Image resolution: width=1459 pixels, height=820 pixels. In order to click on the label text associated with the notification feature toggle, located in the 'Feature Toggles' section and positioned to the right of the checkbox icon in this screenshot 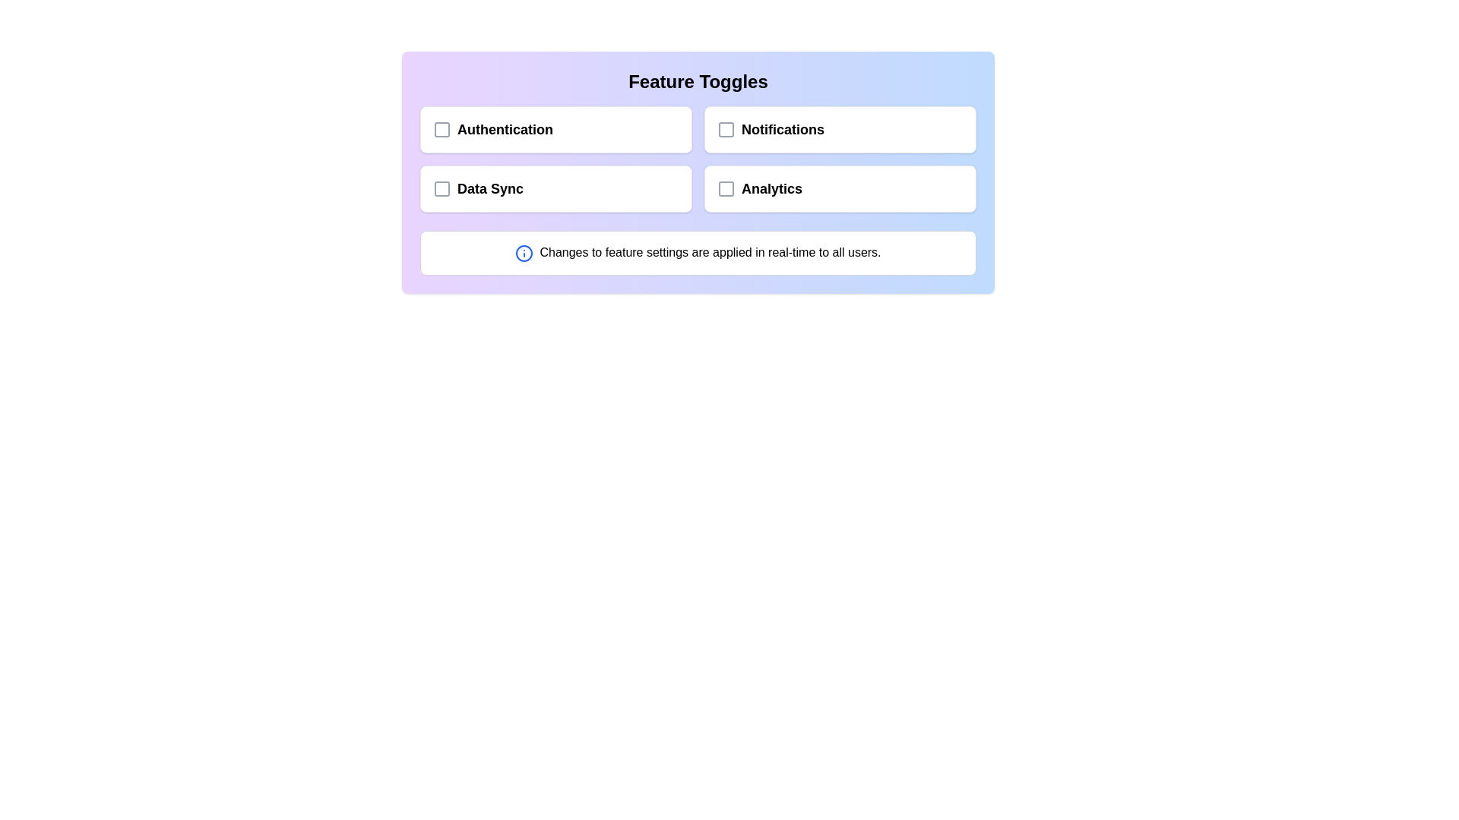, I will do `click(771, 128)`.